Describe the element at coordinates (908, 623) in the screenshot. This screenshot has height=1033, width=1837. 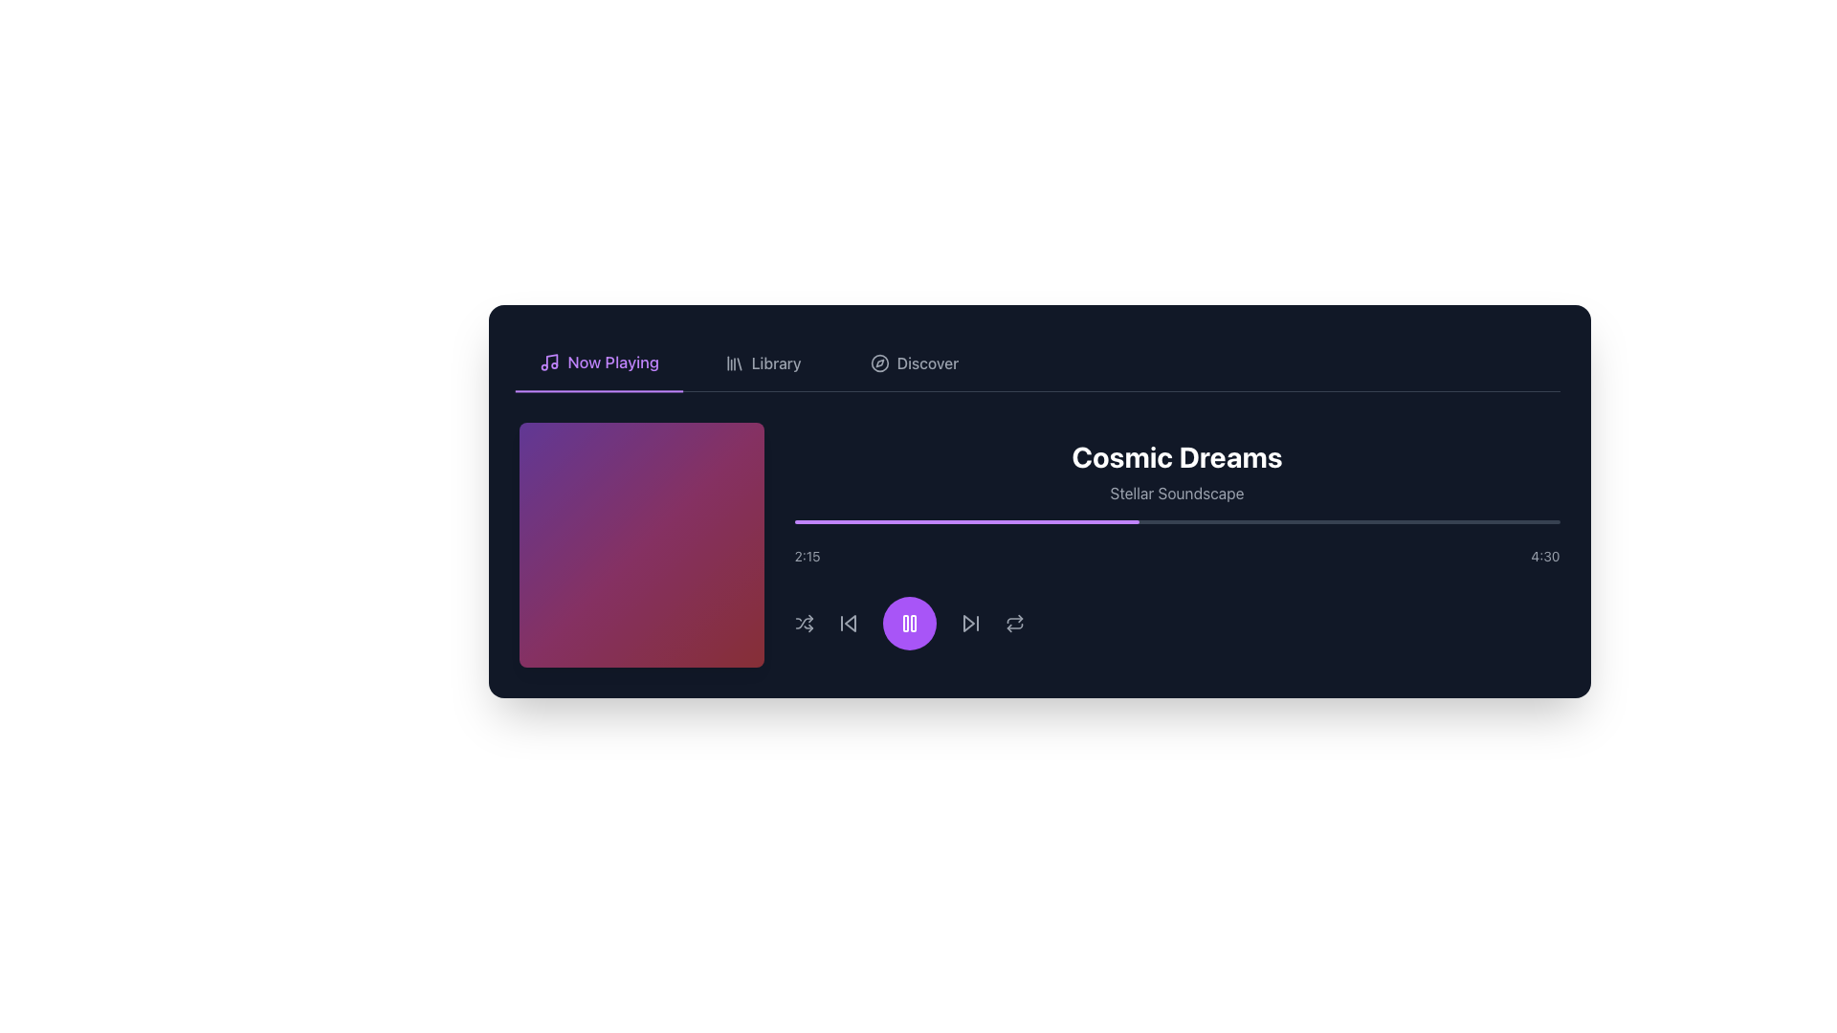
I see `the pause icon represented by two vertical bars within a purple circular button` at that location.